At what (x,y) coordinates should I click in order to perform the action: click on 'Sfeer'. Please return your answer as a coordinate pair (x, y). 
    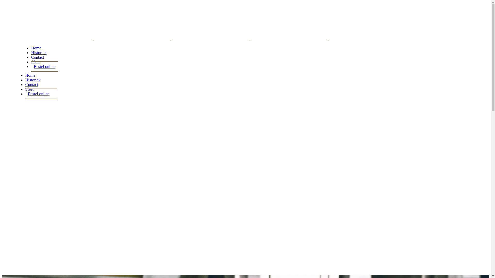
    Looking at the image, I should click on (29, 89).